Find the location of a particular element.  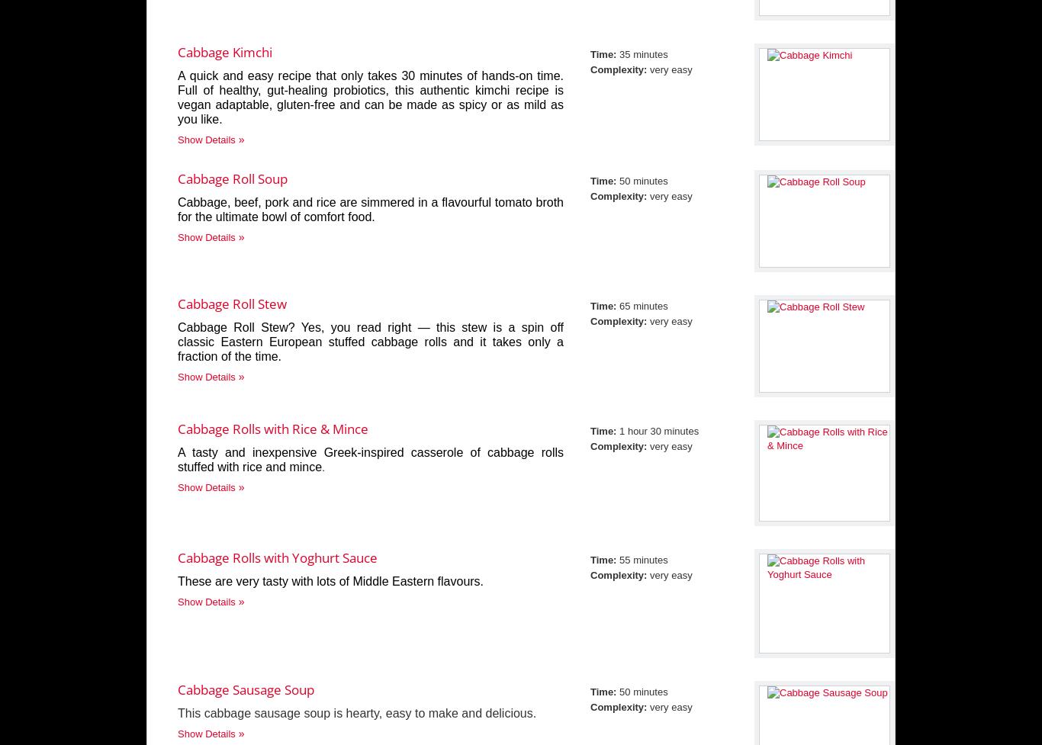

'55 minutes' is located at coordinates (642, 560).